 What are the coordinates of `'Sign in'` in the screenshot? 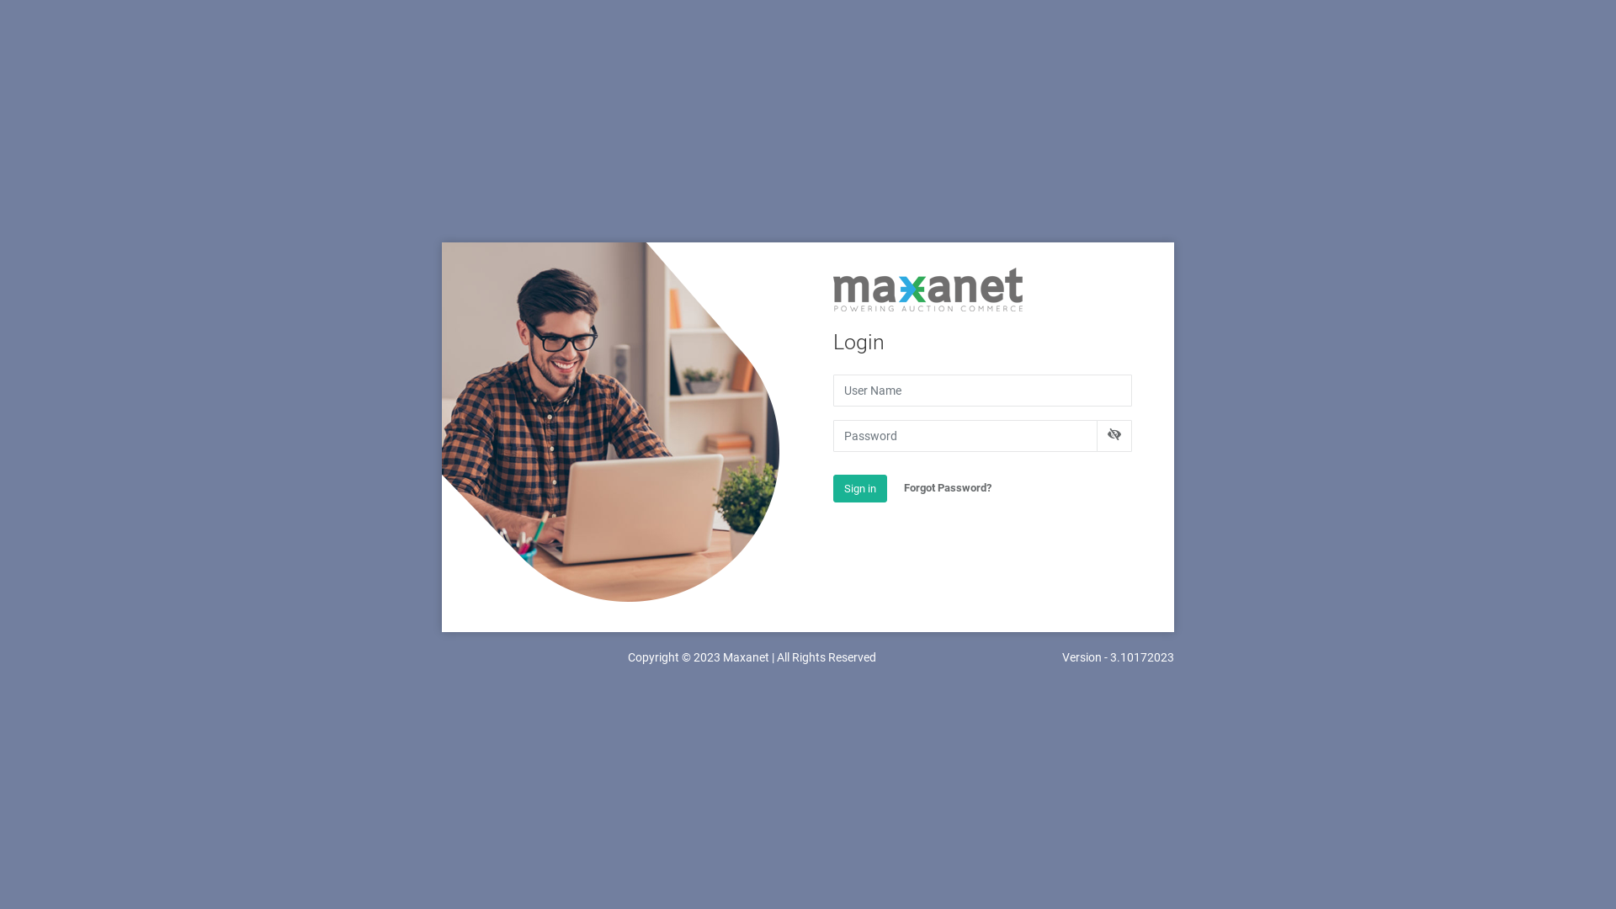 It's located at (860, 489).